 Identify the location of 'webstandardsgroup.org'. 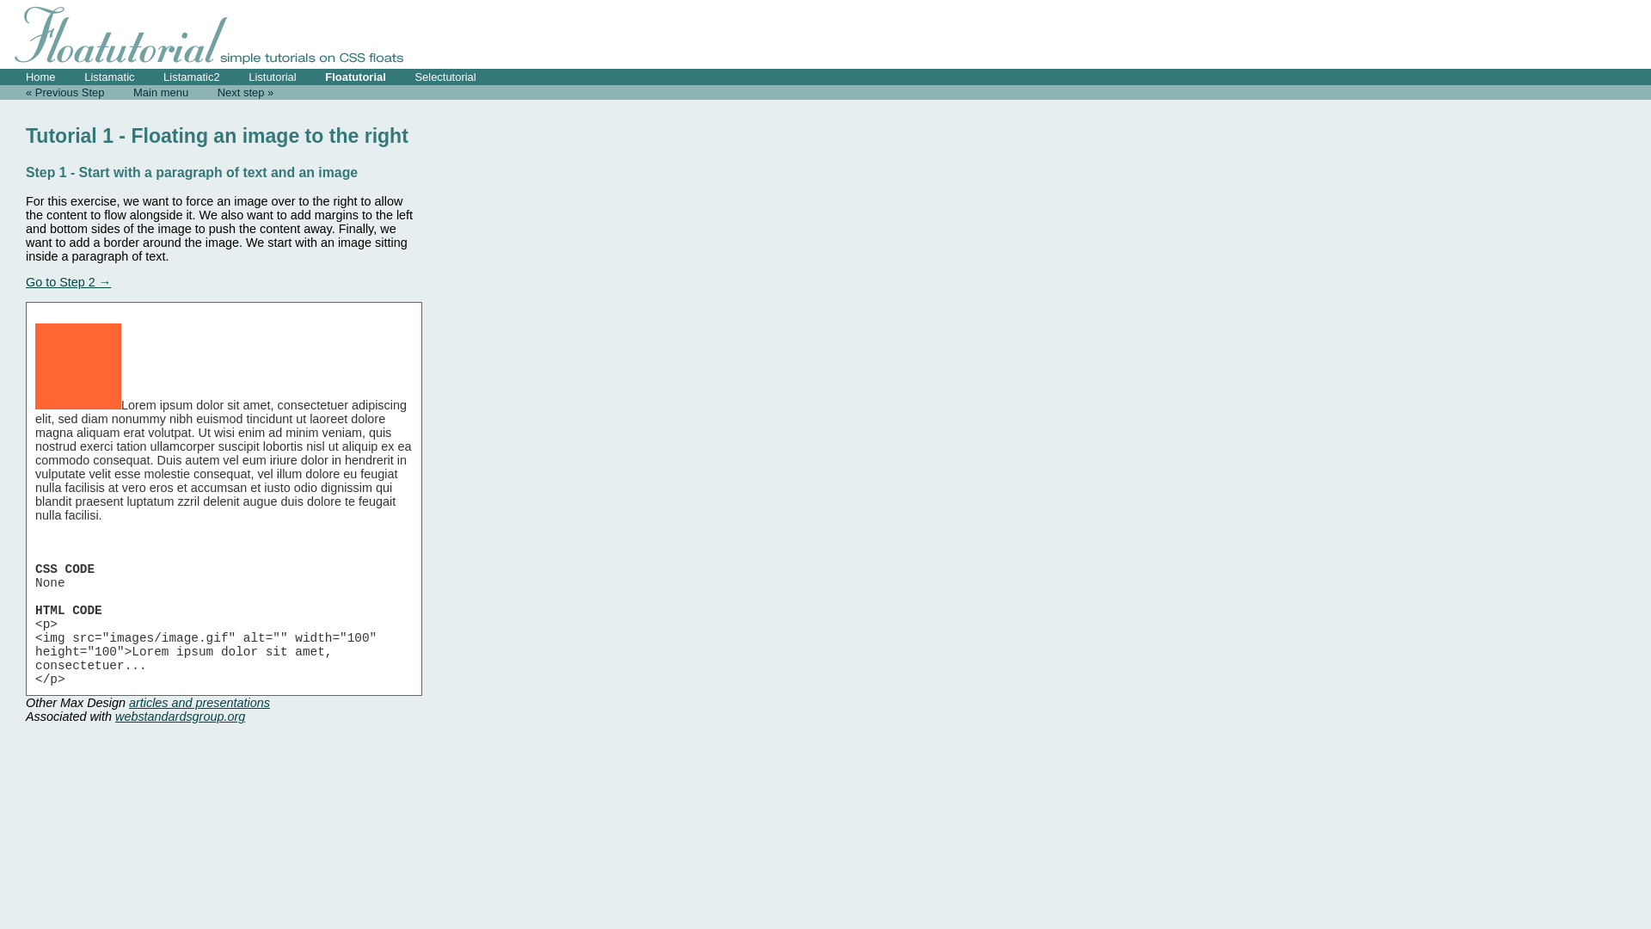
(180, 717).